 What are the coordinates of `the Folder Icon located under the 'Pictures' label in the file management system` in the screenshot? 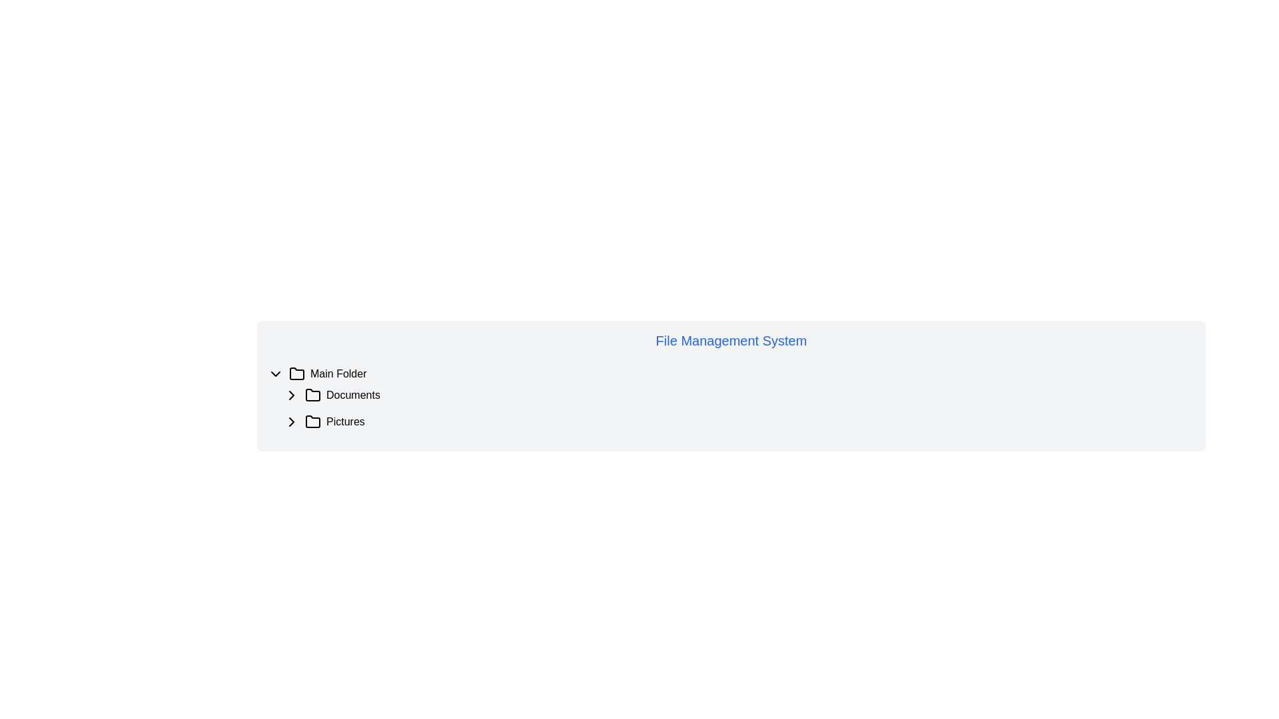 It's located at (312, 421).